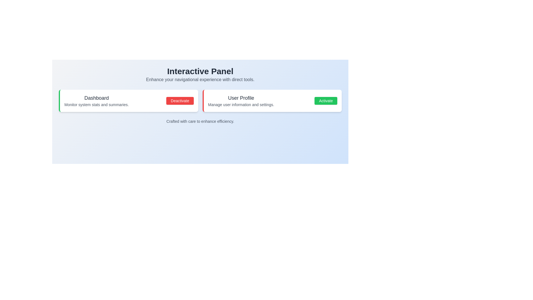 The height and width of the screenshot is (300, 533). I want to click on the static text element displaying 'Enhance your navigational experience with direct tools.', which is centered below the title 'Interactive Panel', so click(200, 79).